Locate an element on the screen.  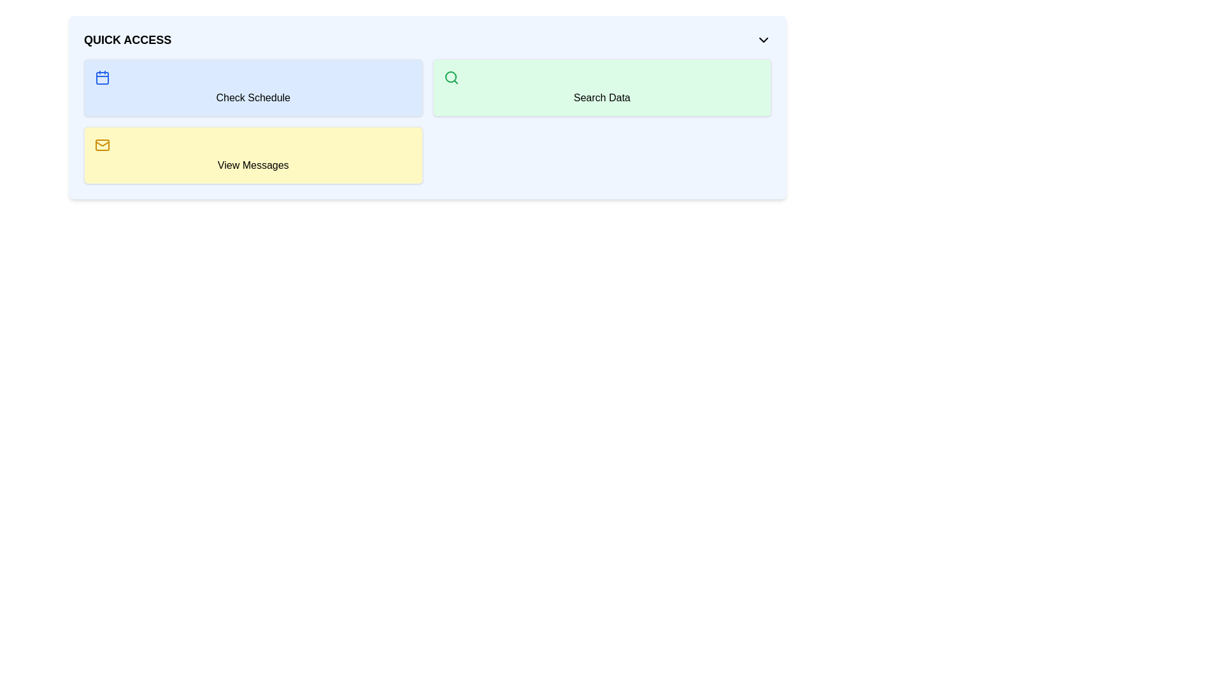
the downward-facing triangle button resembling a dropdown arrow located at the top-right corner of the 'Quick Access' section is located at coordinates (764, 39).